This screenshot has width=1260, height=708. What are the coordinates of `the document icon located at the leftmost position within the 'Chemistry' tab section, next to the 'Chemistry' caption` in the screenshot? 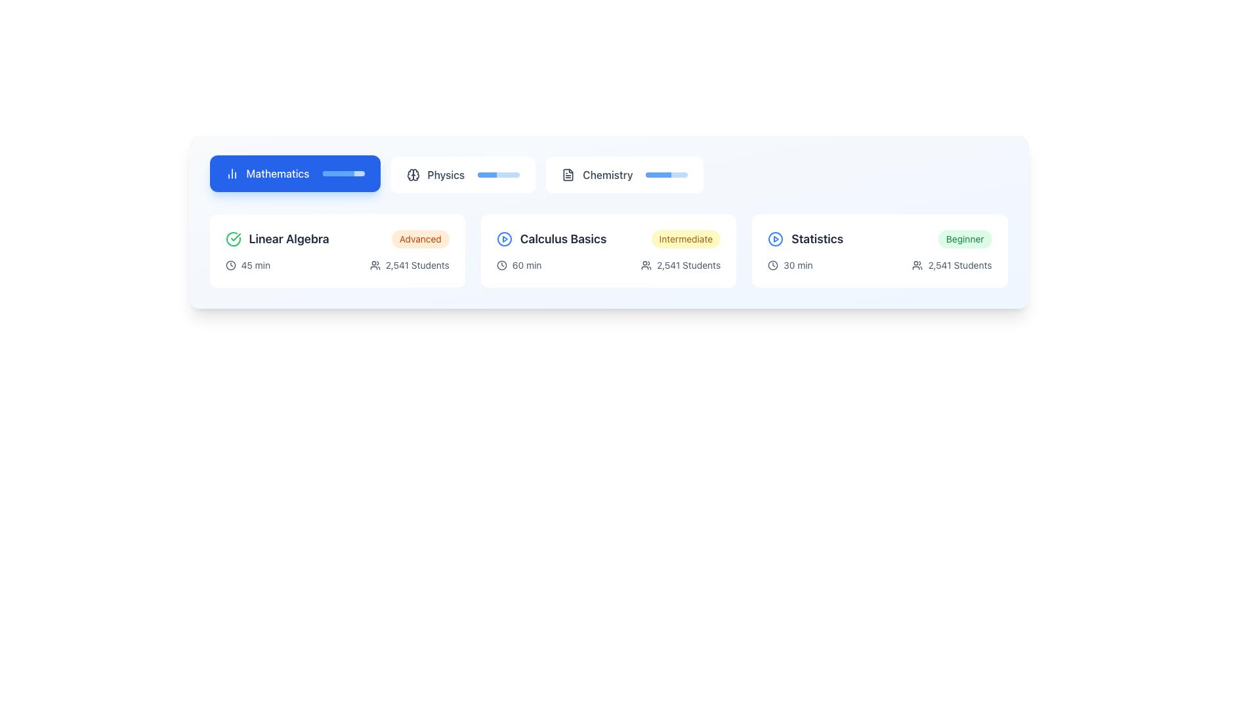 It's located at (568, 174).